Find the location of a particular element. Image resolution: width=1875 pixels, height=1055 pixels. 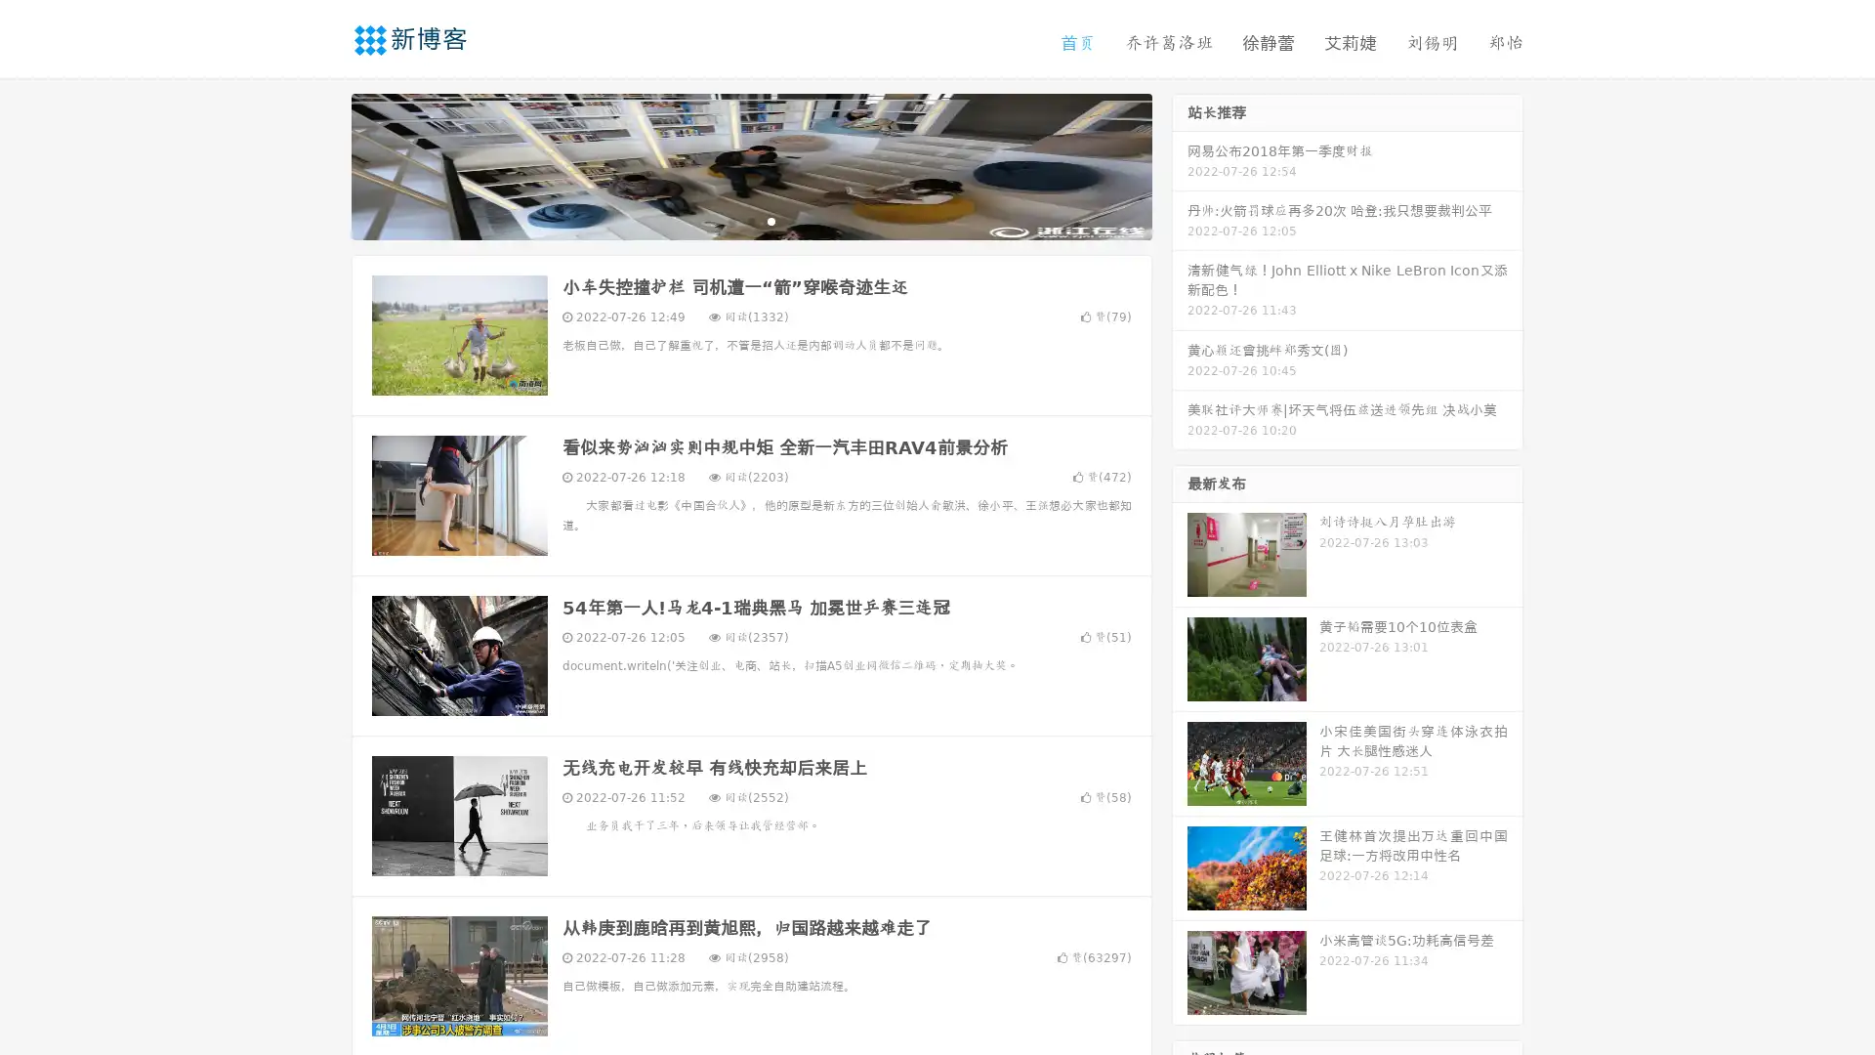

Next slide is located at coordinates (1180, 164).